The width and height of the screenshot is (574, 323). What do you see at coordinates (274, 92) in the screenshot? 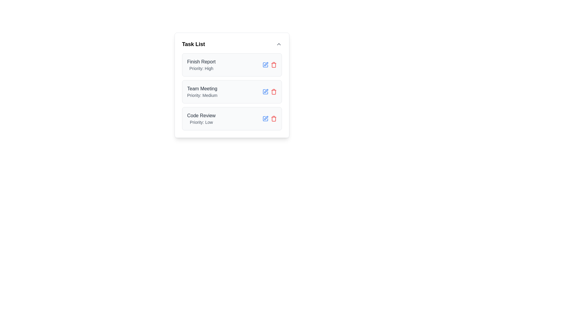
I see `the delete button for the 'Team Meeting' task` at bounding box center [274, 92].